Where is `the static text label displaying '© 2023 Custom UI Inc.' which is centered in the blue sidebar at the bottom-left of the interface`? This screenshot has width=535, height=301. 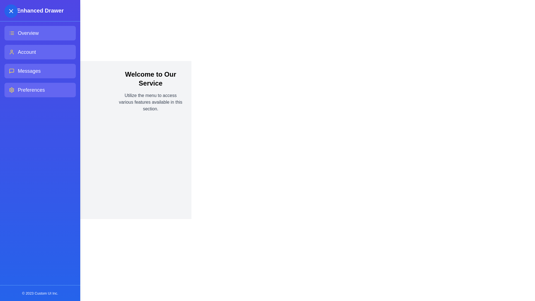 the static text label displaying '© 2023 Custom UI Inc.' which is centered in the blue sidebar at the bottom-left of the interface is located at coordinates (40, 293).